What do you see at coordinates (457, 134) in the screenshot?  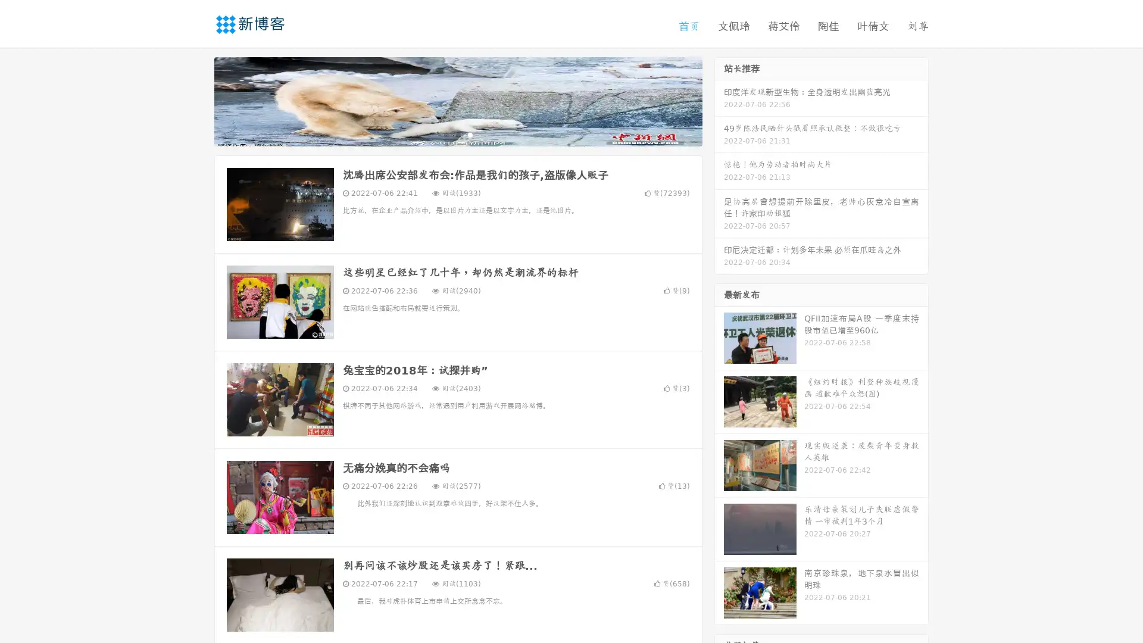 I see `Go to slide 2` at bounding box center [457, 134].